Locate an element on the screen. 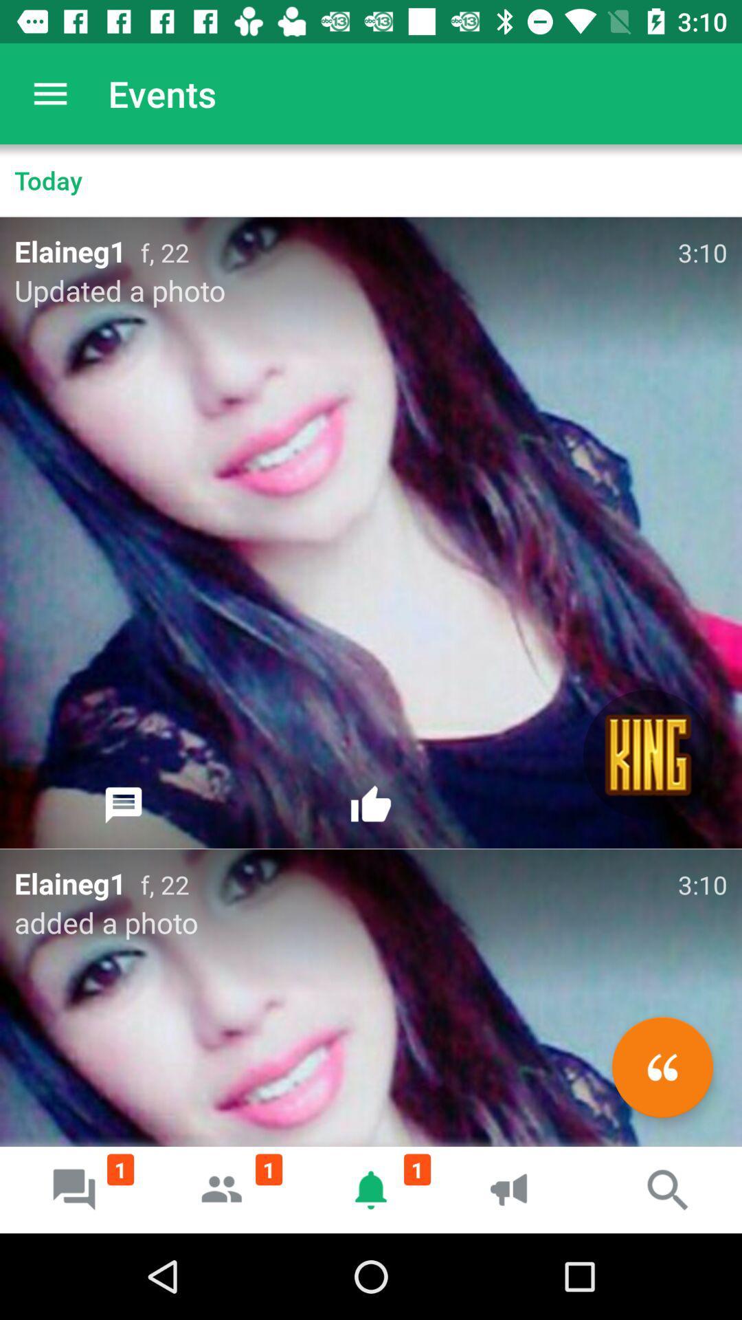 This screenshot has width=742, height=1320. send a message is located at coordinates (124, 805).